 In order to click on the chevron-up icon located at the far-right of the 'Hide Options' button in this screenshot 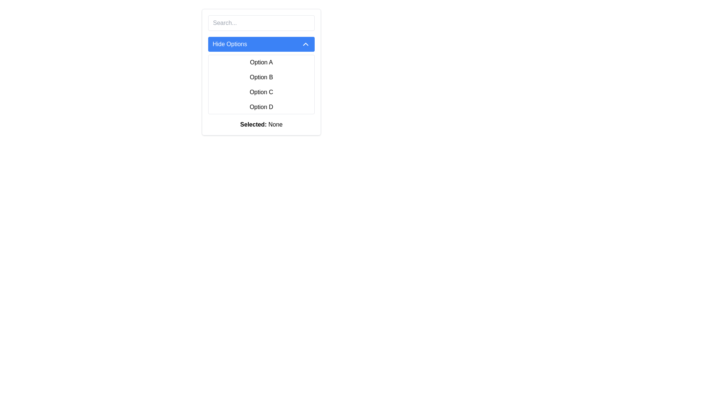, I will do `click(305, 44)`.